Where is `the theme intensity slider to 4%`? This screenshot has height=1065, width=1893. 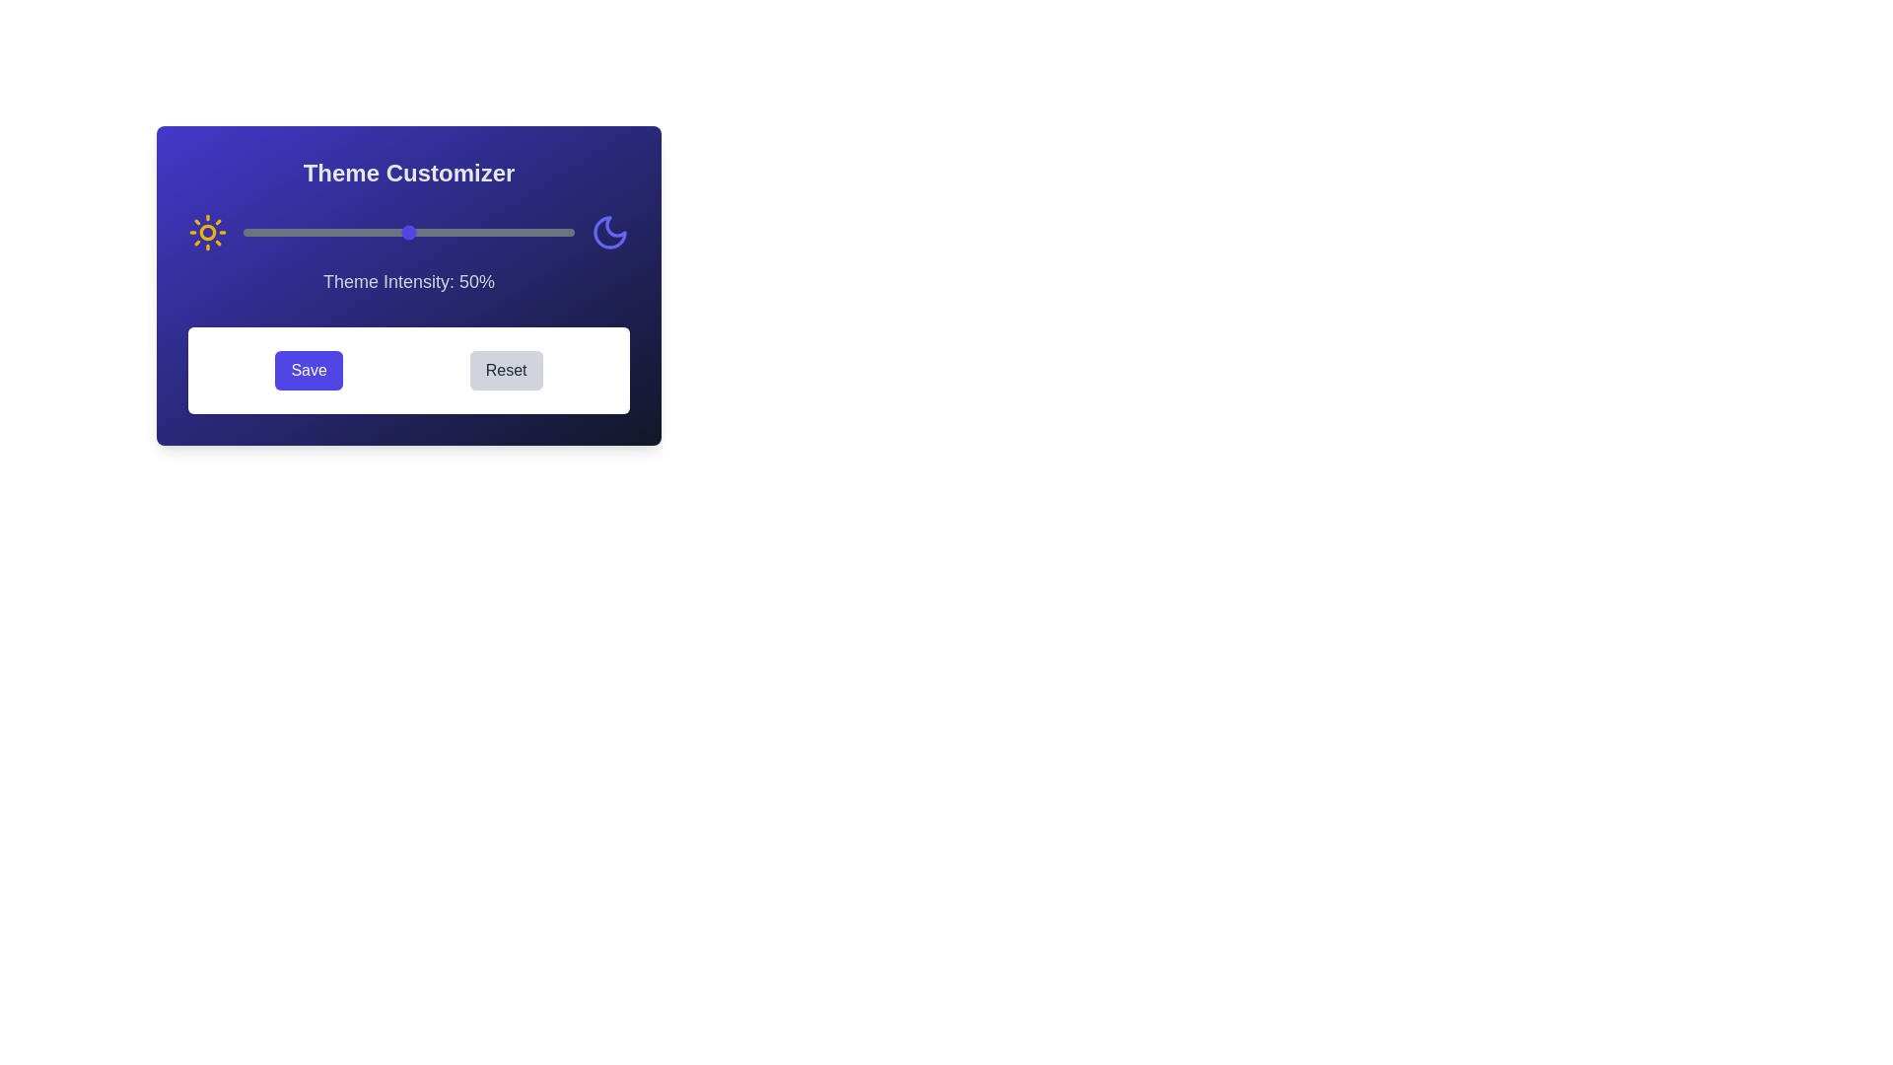
the theme intensity slider to 4% is located at coordinates (255, 231).